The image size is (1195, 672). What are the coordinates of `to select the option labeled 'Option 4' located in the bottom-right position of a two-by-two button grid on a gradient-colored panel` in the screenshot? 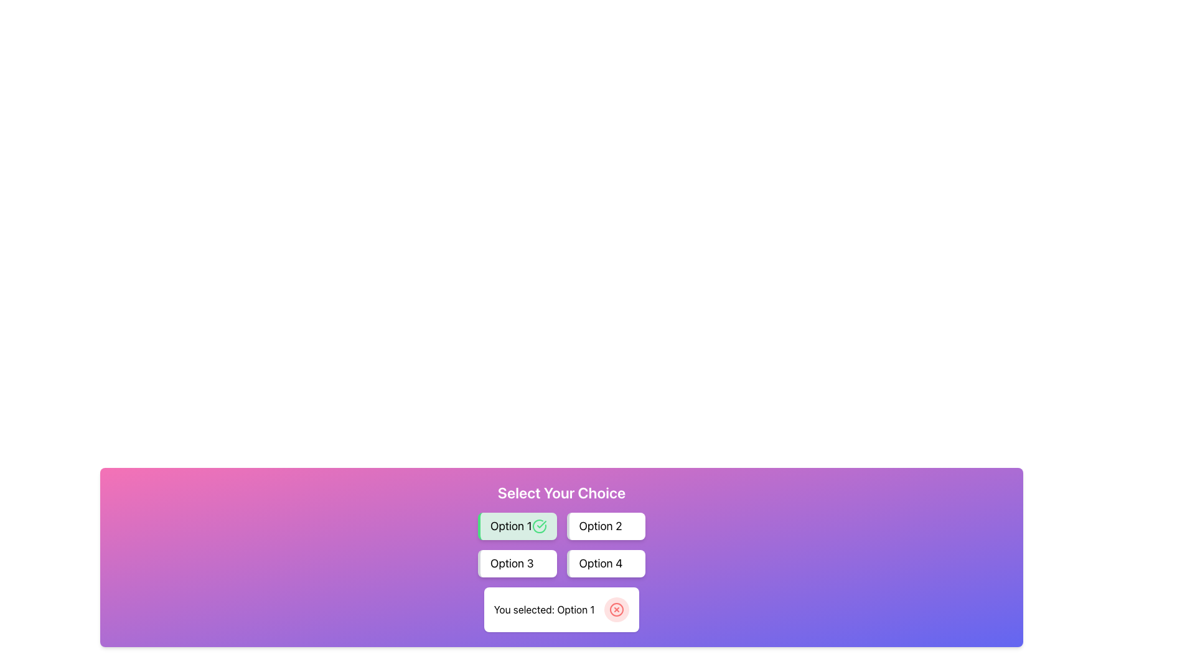 It's located at (601, 564).